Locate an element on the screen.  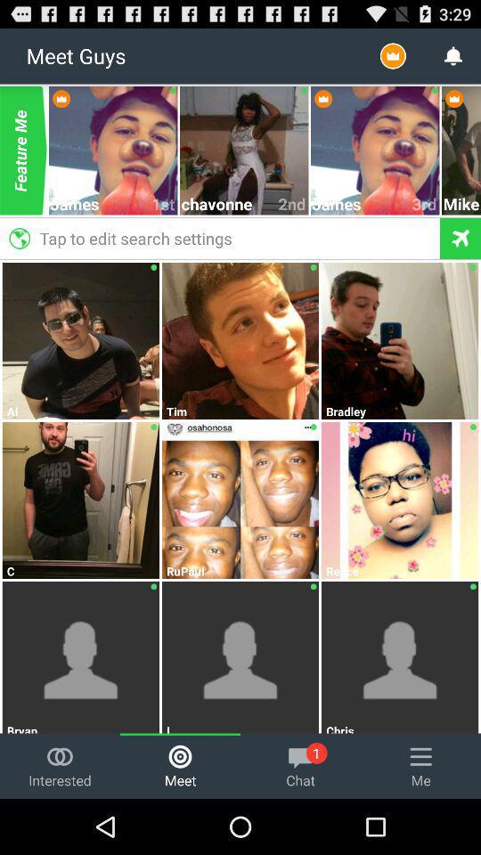
icon next to chavonne is located at coordinates (292, 204).